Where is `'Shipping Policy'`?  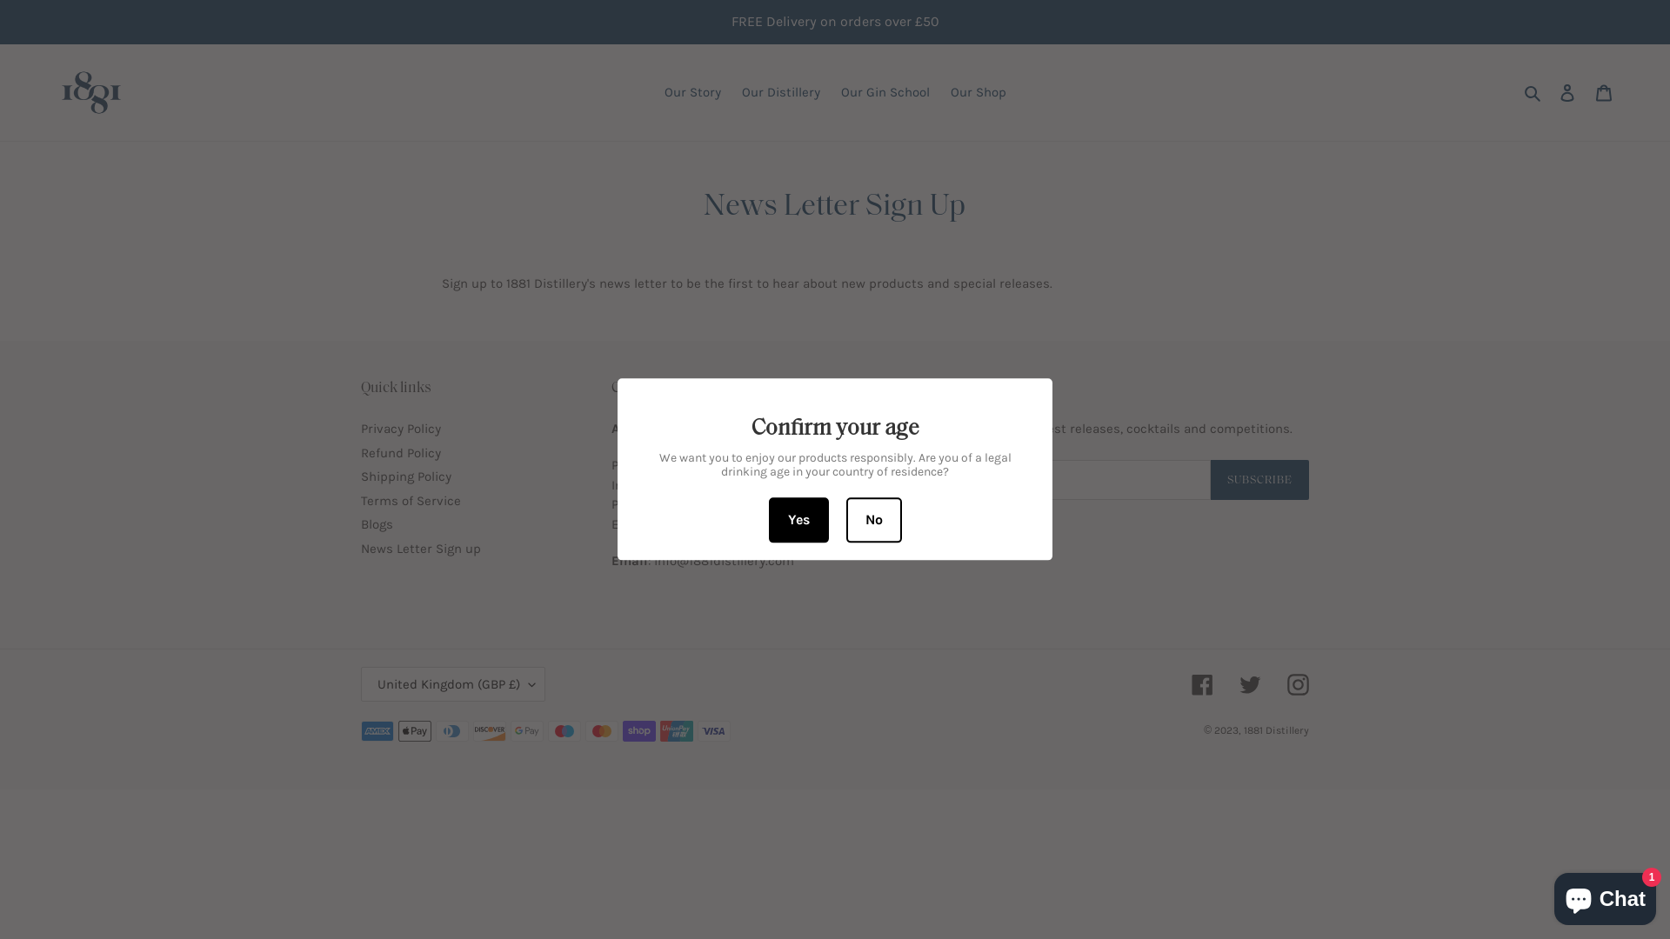
'Shipping Policy' is located at coordinates (404, 476).